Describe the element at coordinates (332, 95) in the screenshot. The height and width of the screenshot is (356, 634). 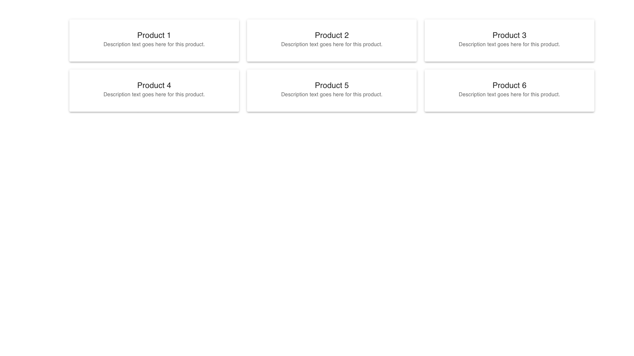
I see `the static text element providing detailed description for 'Product 5', located directly below the heading of the same product in the middle row, second column of the grid layout` at that location.